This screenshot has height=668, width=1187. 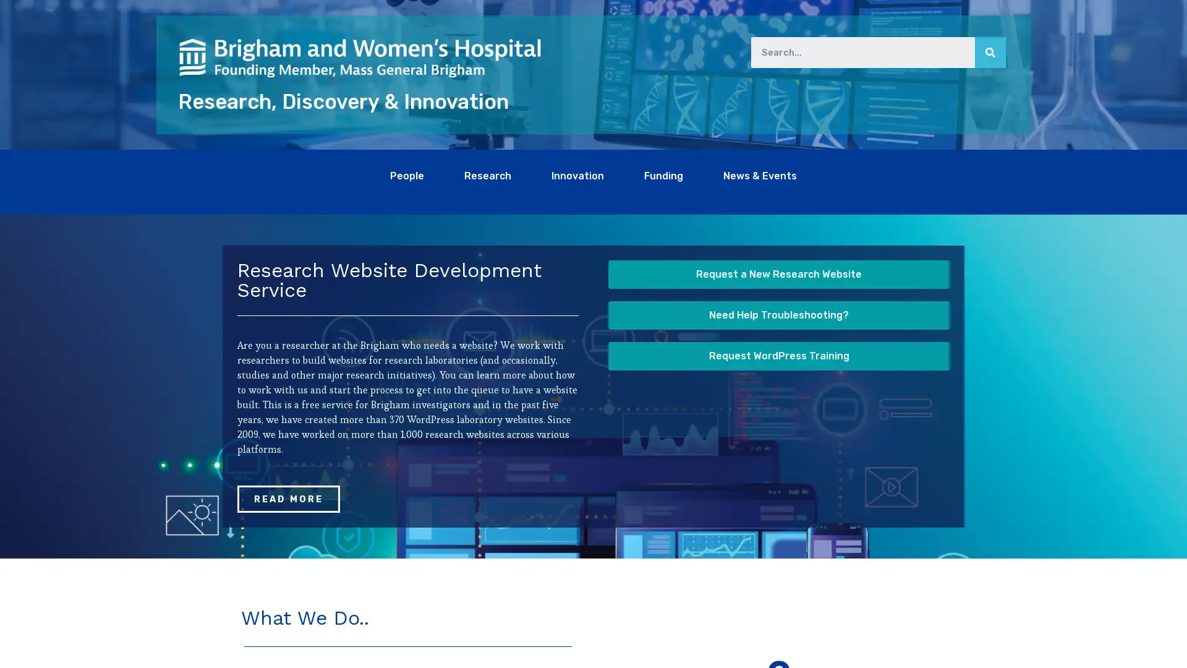 I want to click on Search, so click(x=990, y=51).